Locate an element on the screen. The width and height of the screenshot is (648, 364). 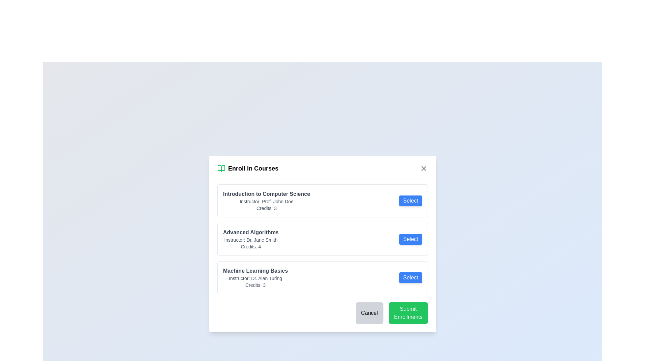
the text label that displays the number of credits for the 'Machine Learning Basics' course, located below the instructor's name in the course details modal is located at coordinates (255, 285).